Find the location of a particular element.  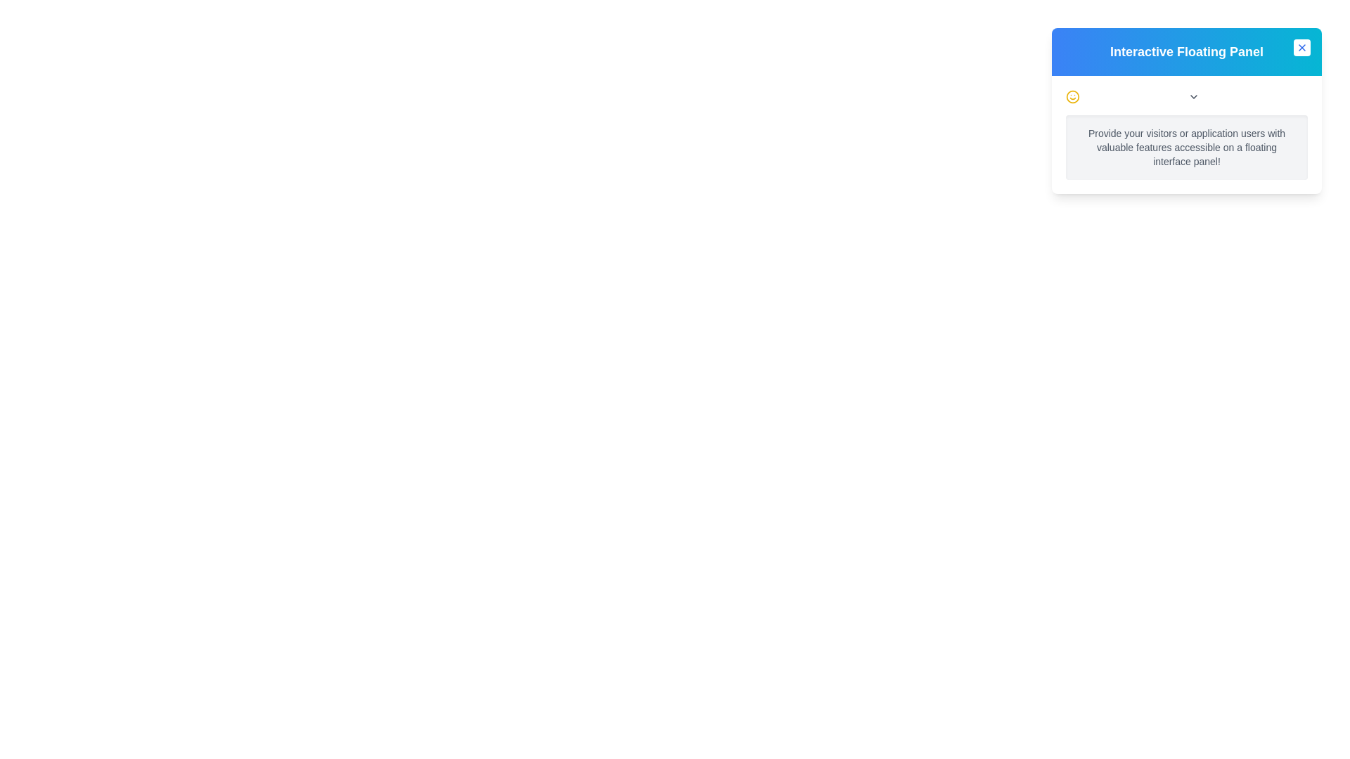

the downward arrow icon of the Dropdown toggle button located in the top-right corner of the floating panel is located at coordinates (1193, 96).